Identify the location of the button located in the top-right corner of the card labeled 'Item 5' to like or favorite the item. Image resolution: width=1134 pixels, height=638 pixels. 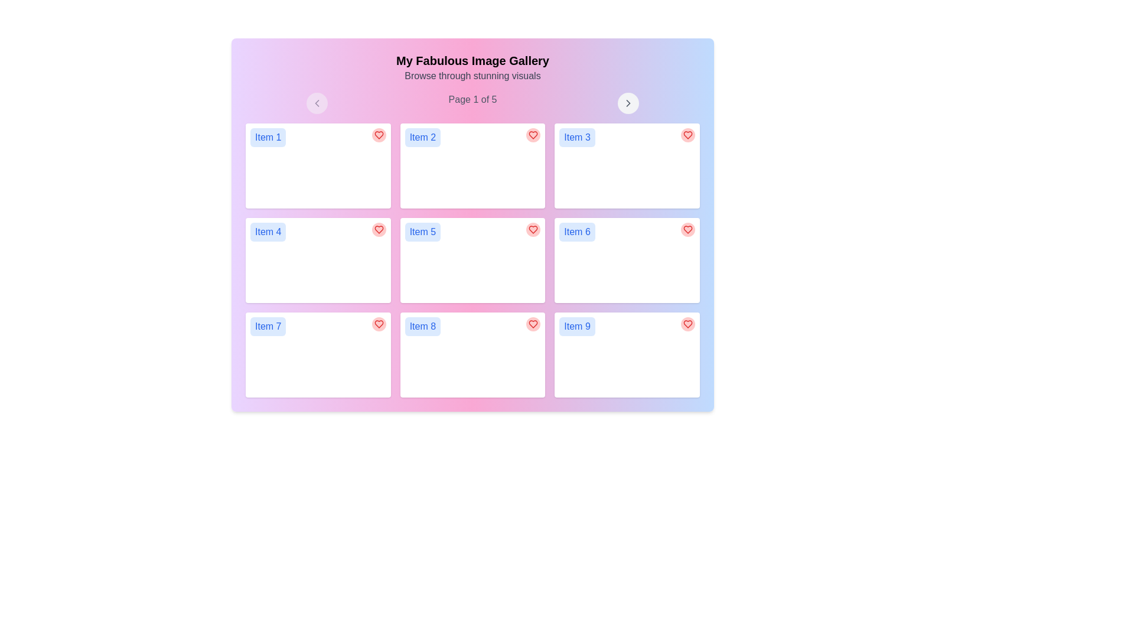
(533, 230).